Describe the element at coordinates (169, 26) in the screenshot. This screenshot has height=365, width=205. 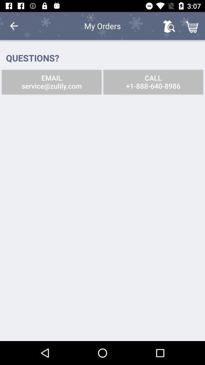
I see `the icon above the call 1 888` at that location.